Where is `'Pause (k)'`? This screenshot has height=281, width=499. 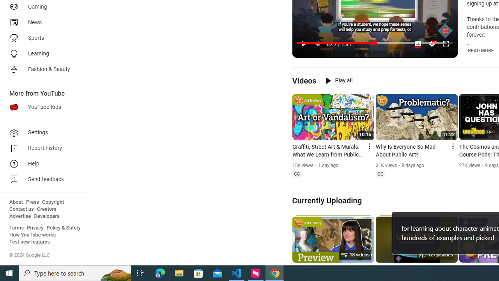
'Pause (k)' is located at coordinates (303, 44).